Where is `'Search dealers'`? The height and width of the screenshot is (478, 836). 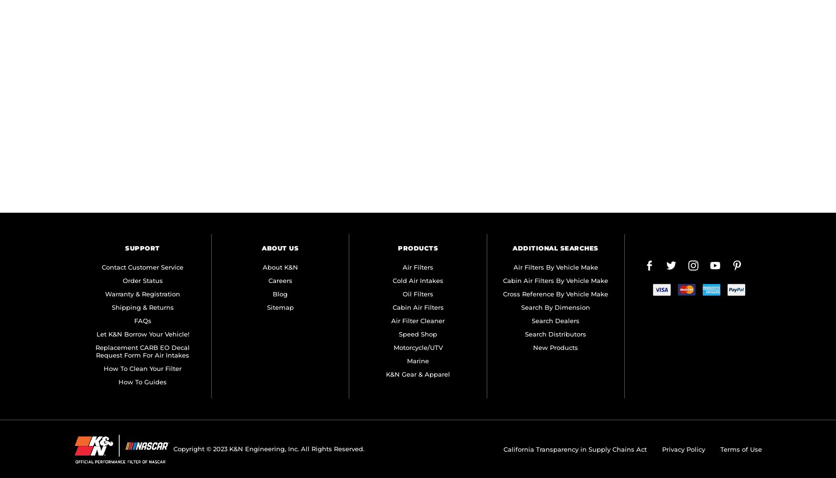
'Search dealers' is located at coordinates (532, 321).